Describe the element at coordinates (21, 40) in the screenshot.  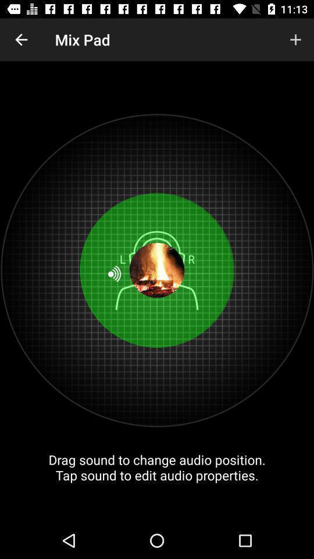
I see `item to the left of the mix pad icon` at that location.